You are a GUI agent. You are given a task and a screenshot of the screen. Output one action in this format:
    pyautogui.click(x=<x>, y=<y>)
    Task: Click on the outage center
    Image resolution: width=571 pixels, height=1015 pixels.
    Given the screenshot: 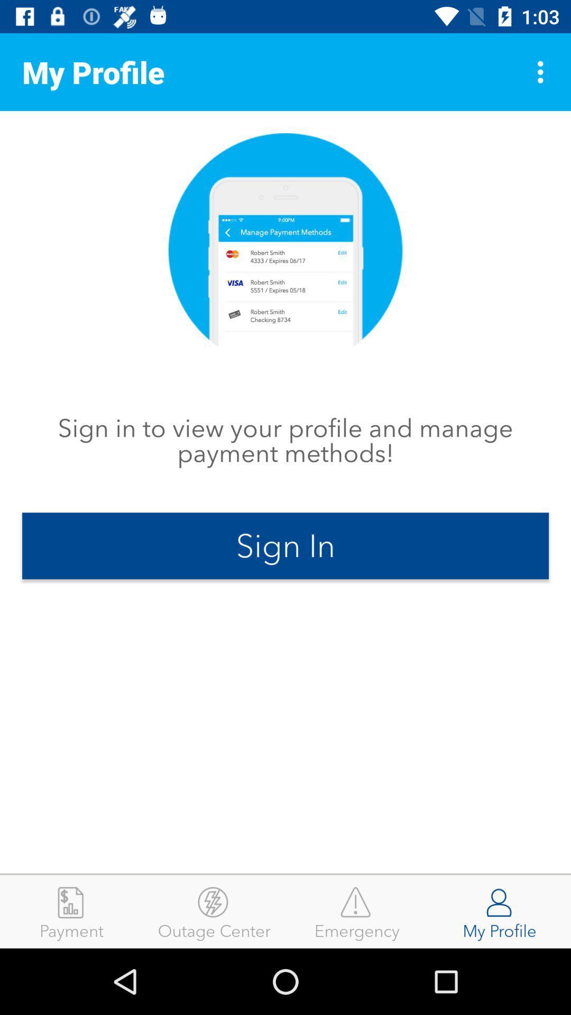 What is the action you would take?
    pyautogui.click(x=214, y=911)
    